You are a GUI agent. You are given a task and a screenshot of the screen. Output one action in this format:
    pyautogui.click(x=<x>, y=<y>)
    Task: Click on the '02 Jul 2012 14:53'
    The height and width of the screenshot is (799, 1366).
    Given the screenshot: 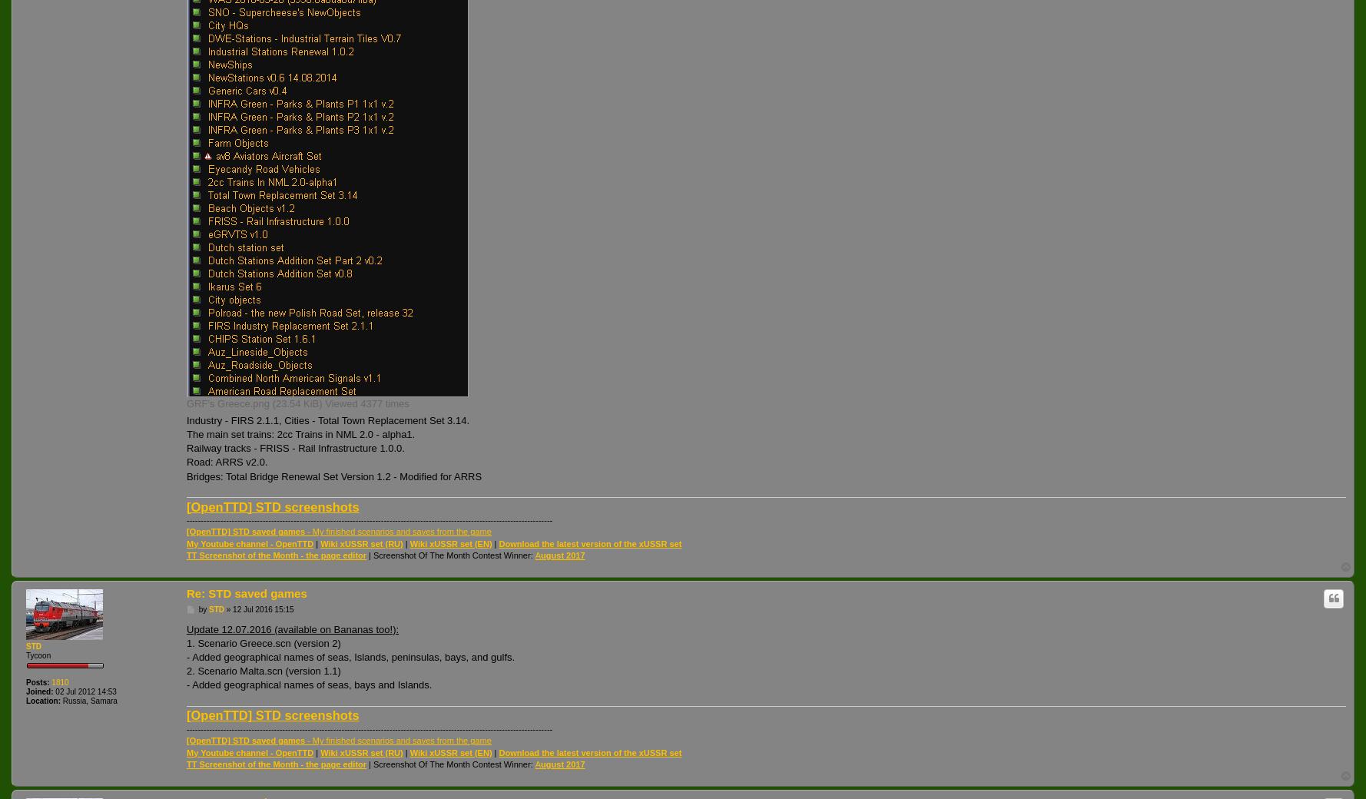 What is the action you would take?
    pyautogui.click(x=84, y=691)
    